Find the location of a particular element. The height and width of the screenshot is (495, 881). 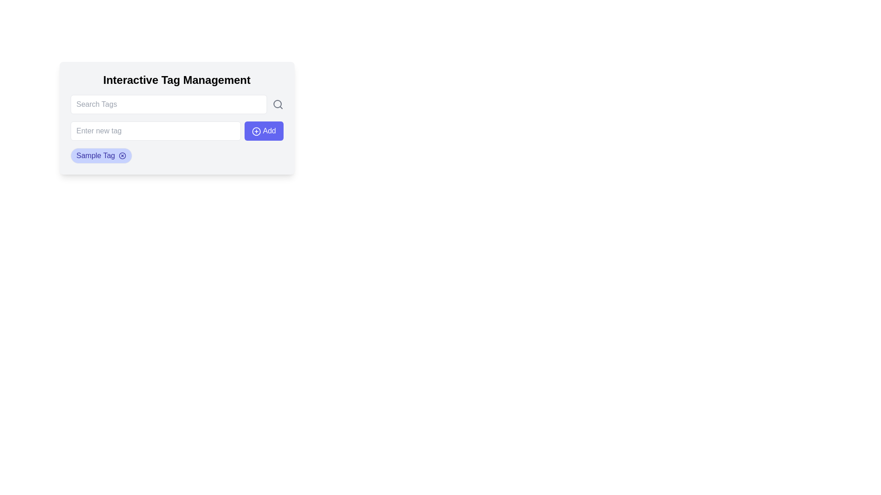

the 'Sample Tag' label with blue text color and rounded indigo background is located at coordinates (95, 155).